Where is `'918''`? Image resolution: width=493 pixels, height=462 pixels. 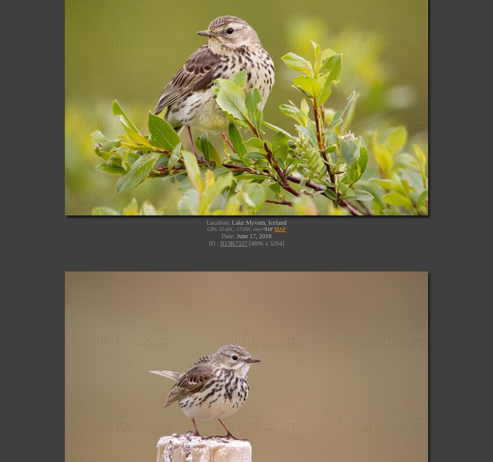
'918'' is located at coordinates (268, 228).